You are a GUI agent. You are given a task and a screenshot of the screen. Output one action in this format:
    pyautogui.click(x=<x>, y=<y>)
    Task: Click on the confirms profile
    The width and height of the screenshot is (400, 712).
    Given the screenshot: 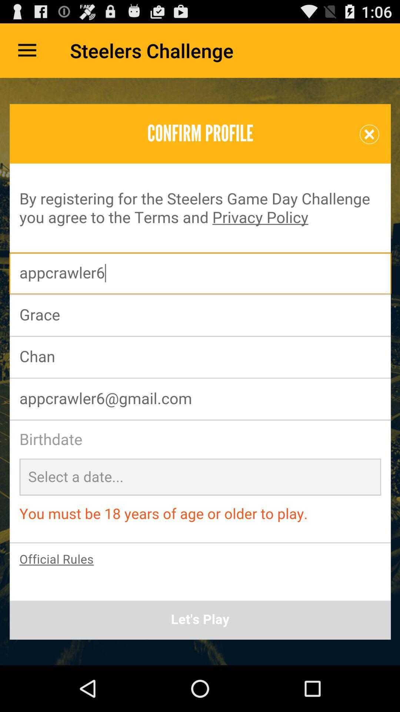 What is the action you would take?
    pyautogui.click(x=200, y=372)
    